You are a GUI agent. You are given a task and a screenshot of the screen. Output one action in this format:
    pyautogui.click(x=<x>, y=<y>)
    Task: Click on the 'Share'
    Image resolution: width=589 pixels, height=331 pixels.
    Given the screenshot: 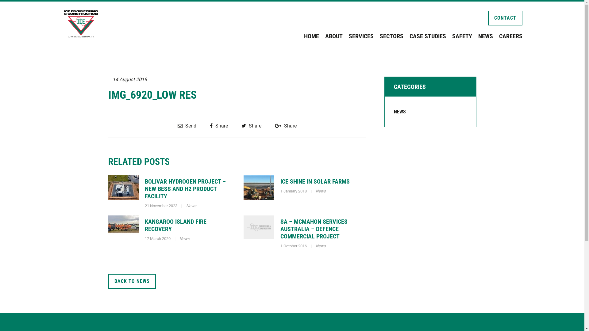 What is the action you would take?
    pyautogui.click(x=210, y=125)
    